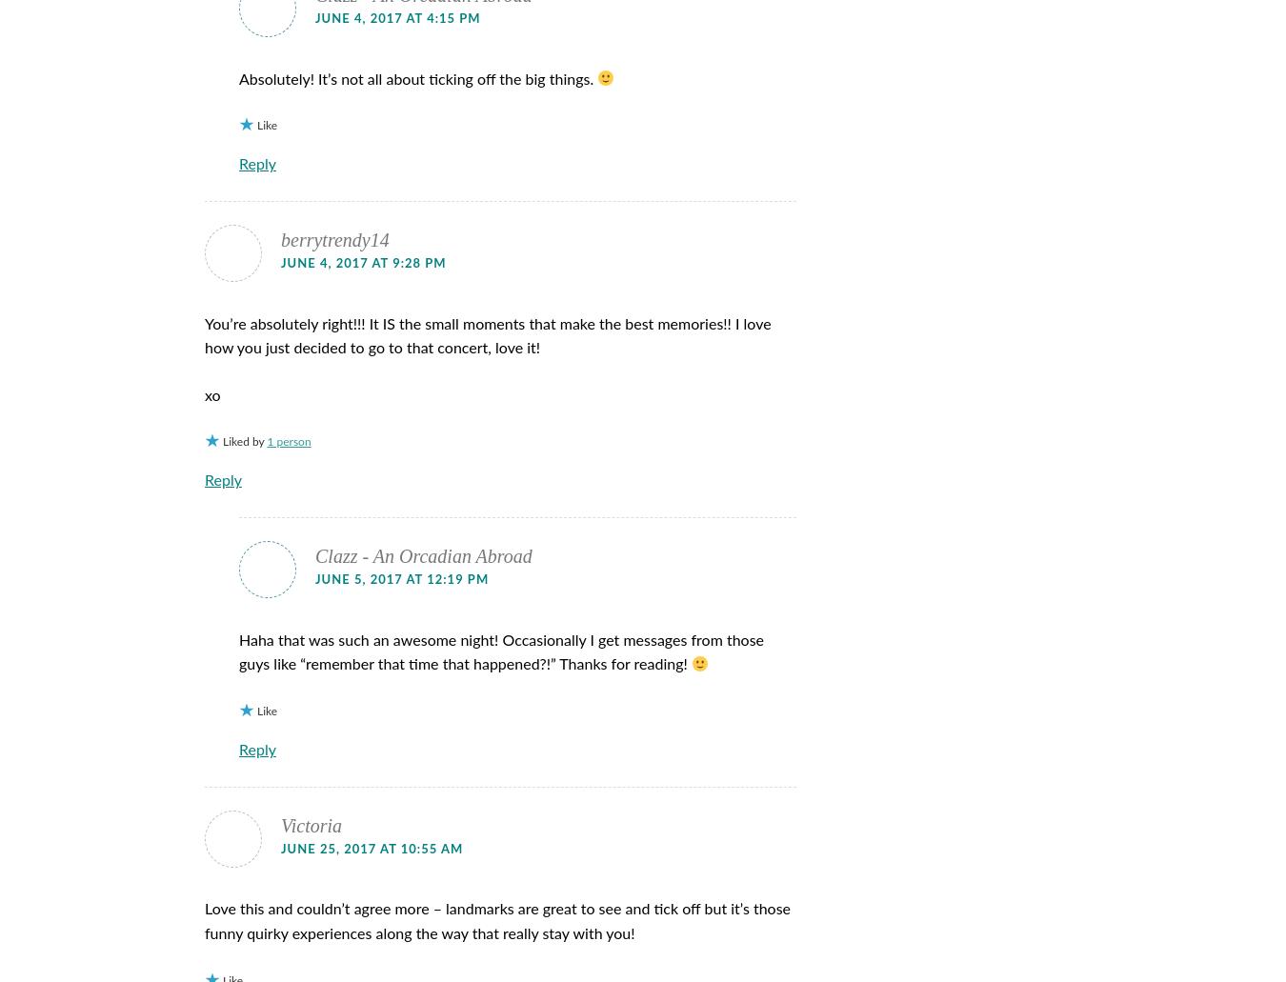 Image resolution: width=1286 pixels, height=982 pixels. What do you see at coordinates (265, 441) in the screenshot?
I see `'1 person'` at bounding box center [265, 441].